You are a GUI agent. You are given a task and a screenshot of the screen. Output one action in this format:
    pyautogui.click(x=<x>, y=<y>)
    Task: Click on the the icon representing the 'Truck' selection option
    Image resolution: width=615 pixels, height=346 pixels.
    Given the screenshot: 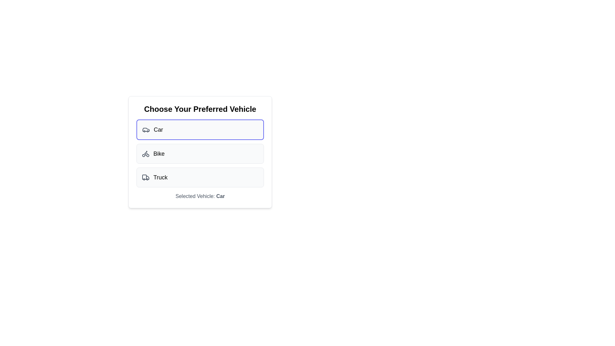 What is the action you would take?
    pyautogui.click(x=145, y=177)
    